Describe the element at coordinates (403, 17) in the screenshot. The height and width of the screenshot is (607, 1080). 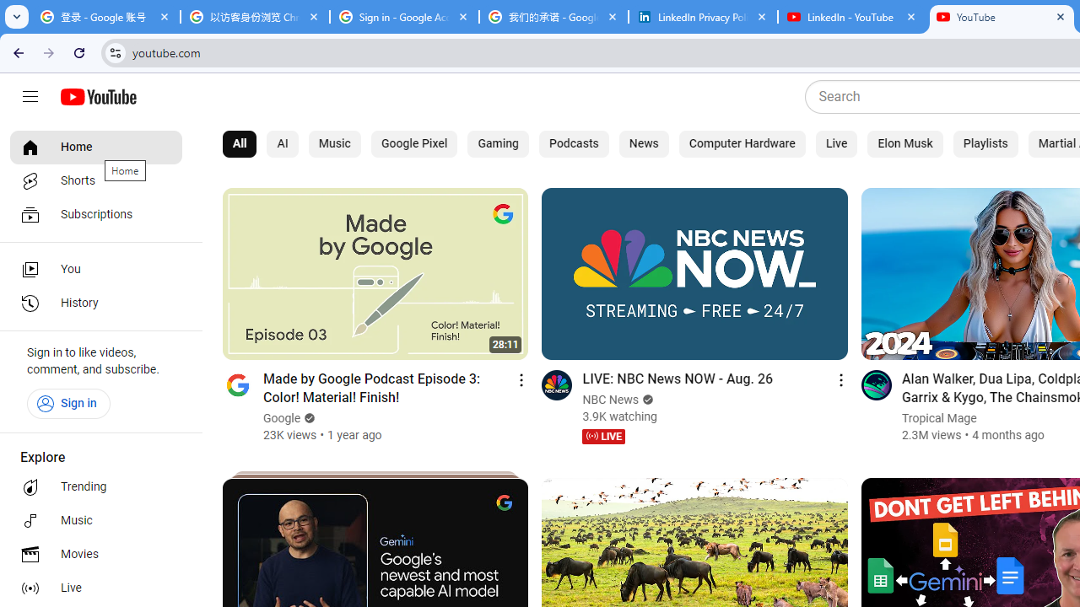
I see `'Sign in - Google Accounts'` at that location.